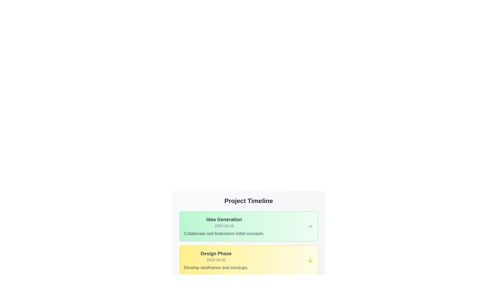 This screenshot has height=283, width=504. I want to click on the content of the bold heading labeled 'Idea Generation' located at the top of the 'Project Timeline' section, so click(224, 219).